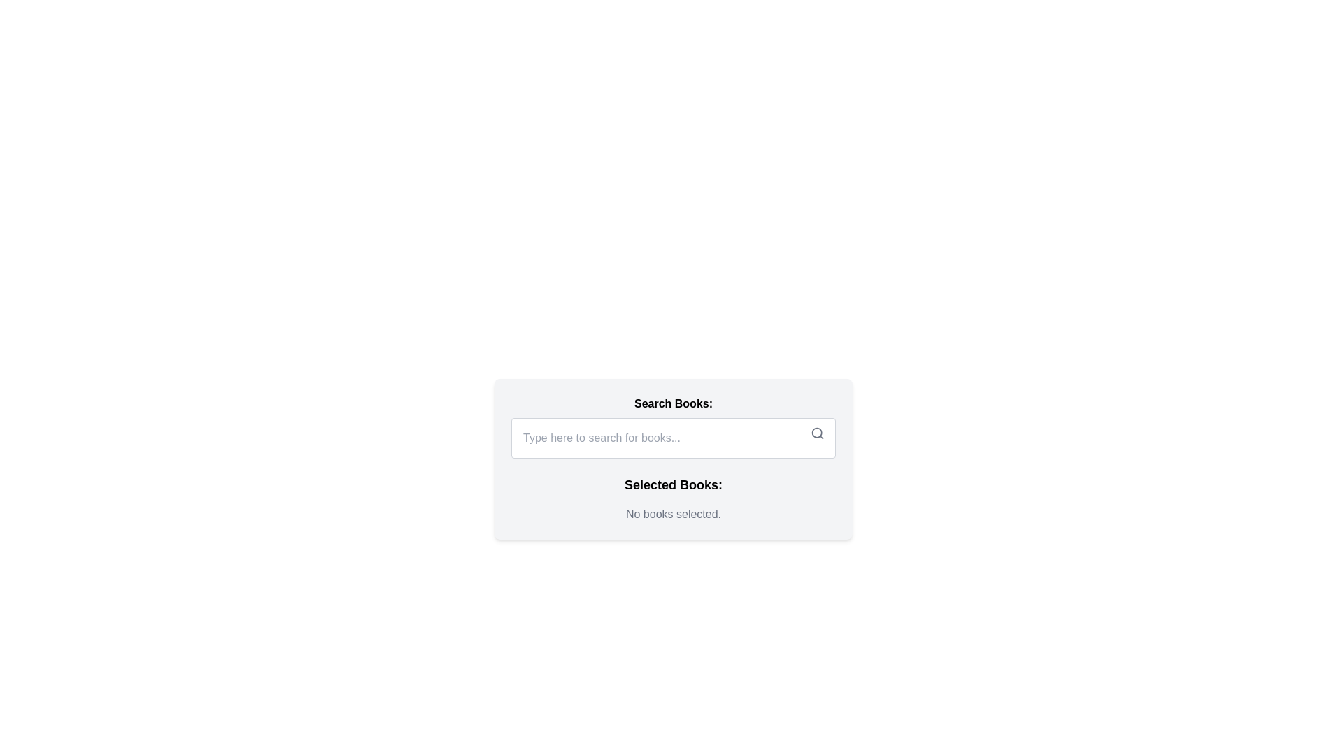  I want to click on the magnifying glass icon within the search button, so click(818, 433).